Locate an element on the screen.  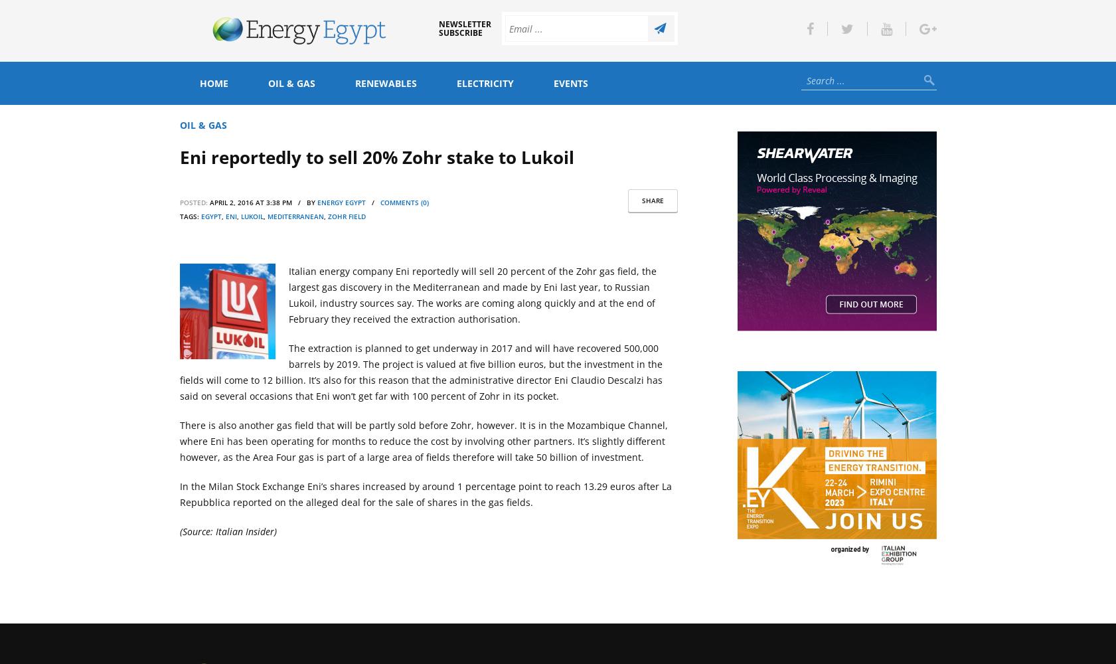
'/' is located at coordinates (371, 203).